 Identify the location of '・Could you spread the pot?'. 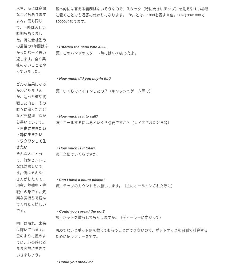
(55, 211).